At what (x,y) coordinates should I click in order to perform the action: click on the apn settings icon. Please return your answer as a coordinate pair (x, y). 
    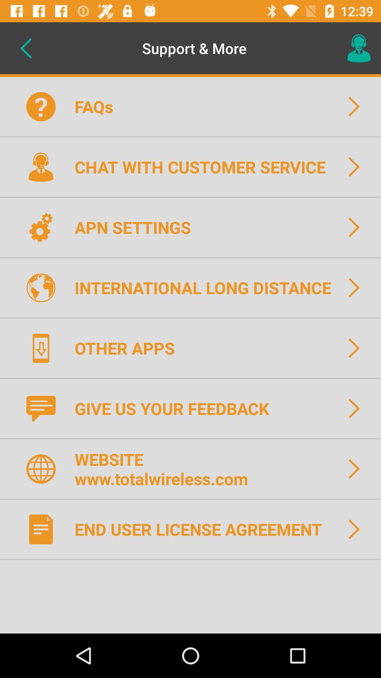
    Looking at the image, I should click on (137, 227).